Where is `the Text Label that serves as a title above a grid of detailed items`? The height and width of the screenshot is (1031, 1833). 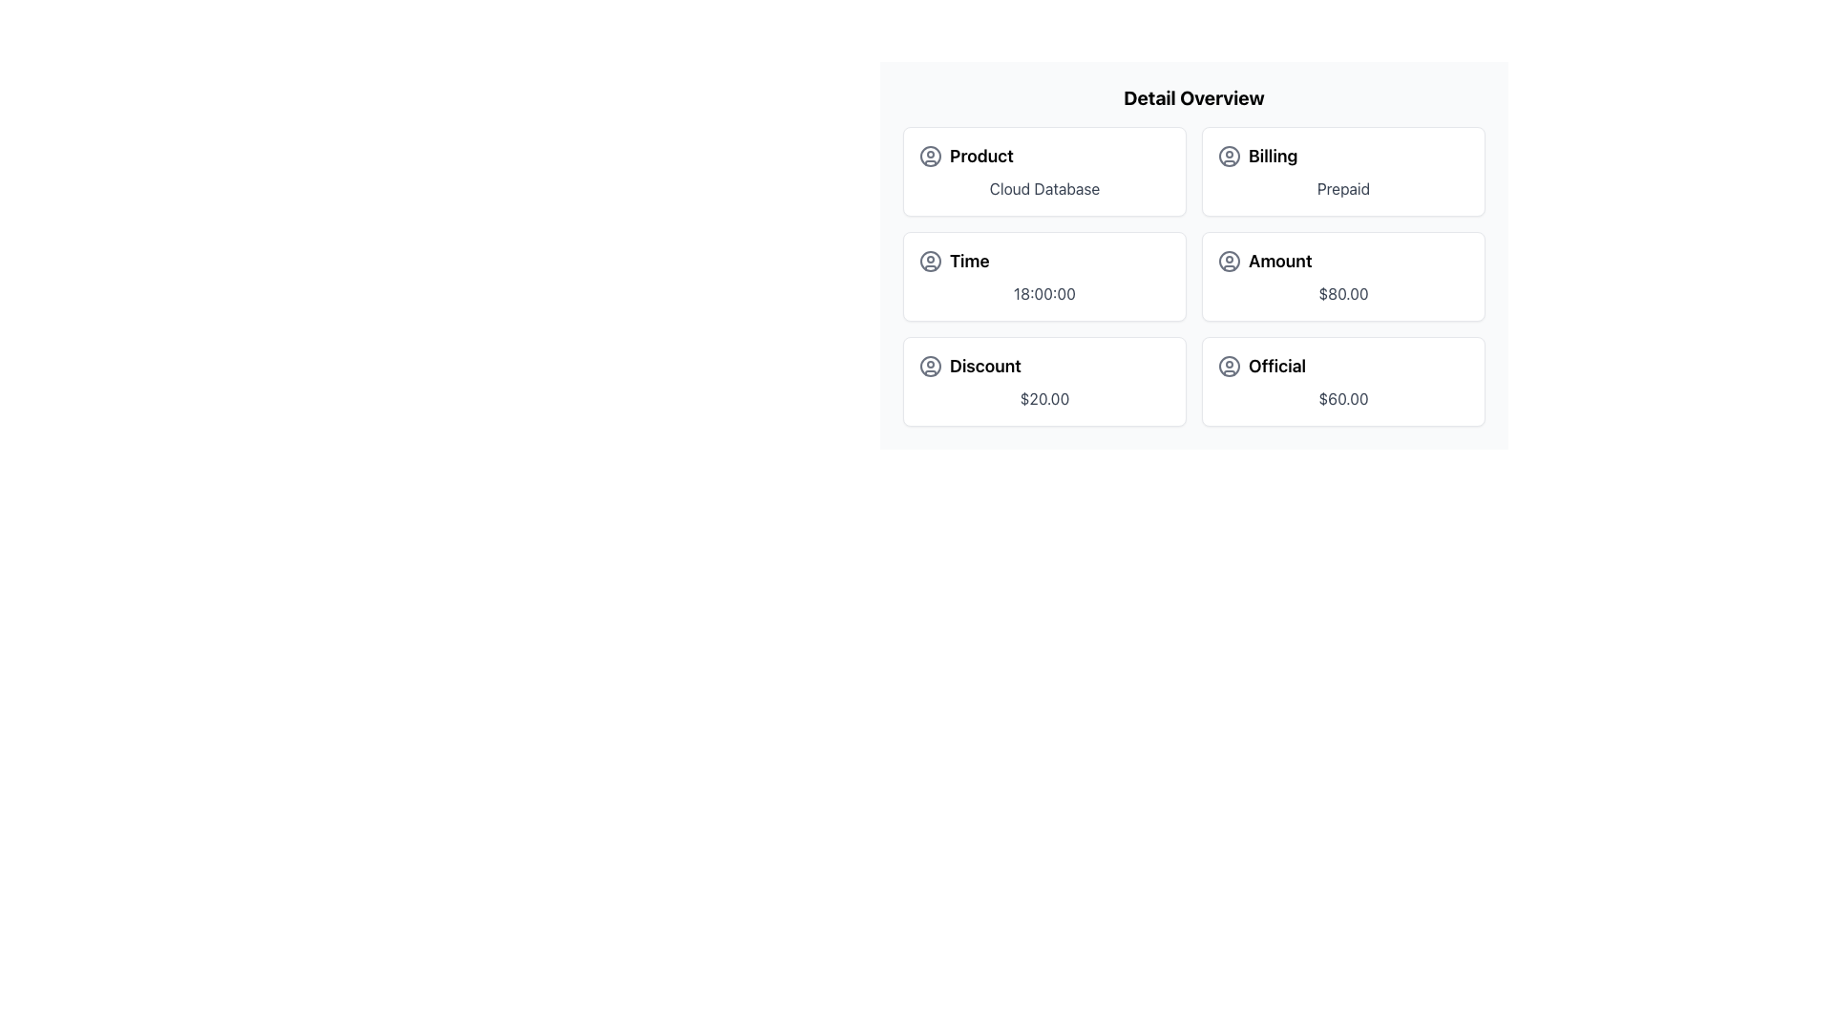
the Text Label that serves as a title above a grid of detailed items is located at coordinates (1193, 98).